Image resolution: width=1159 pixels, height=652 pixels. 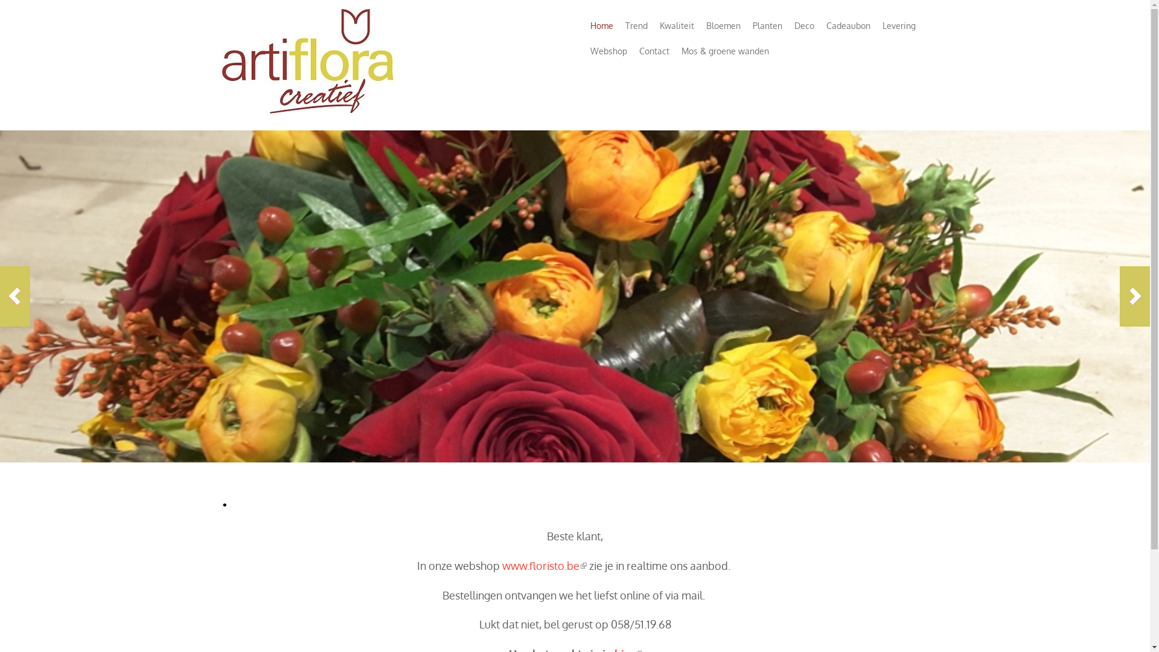 I want to click on 'Previous', so click(x=14, y=296).